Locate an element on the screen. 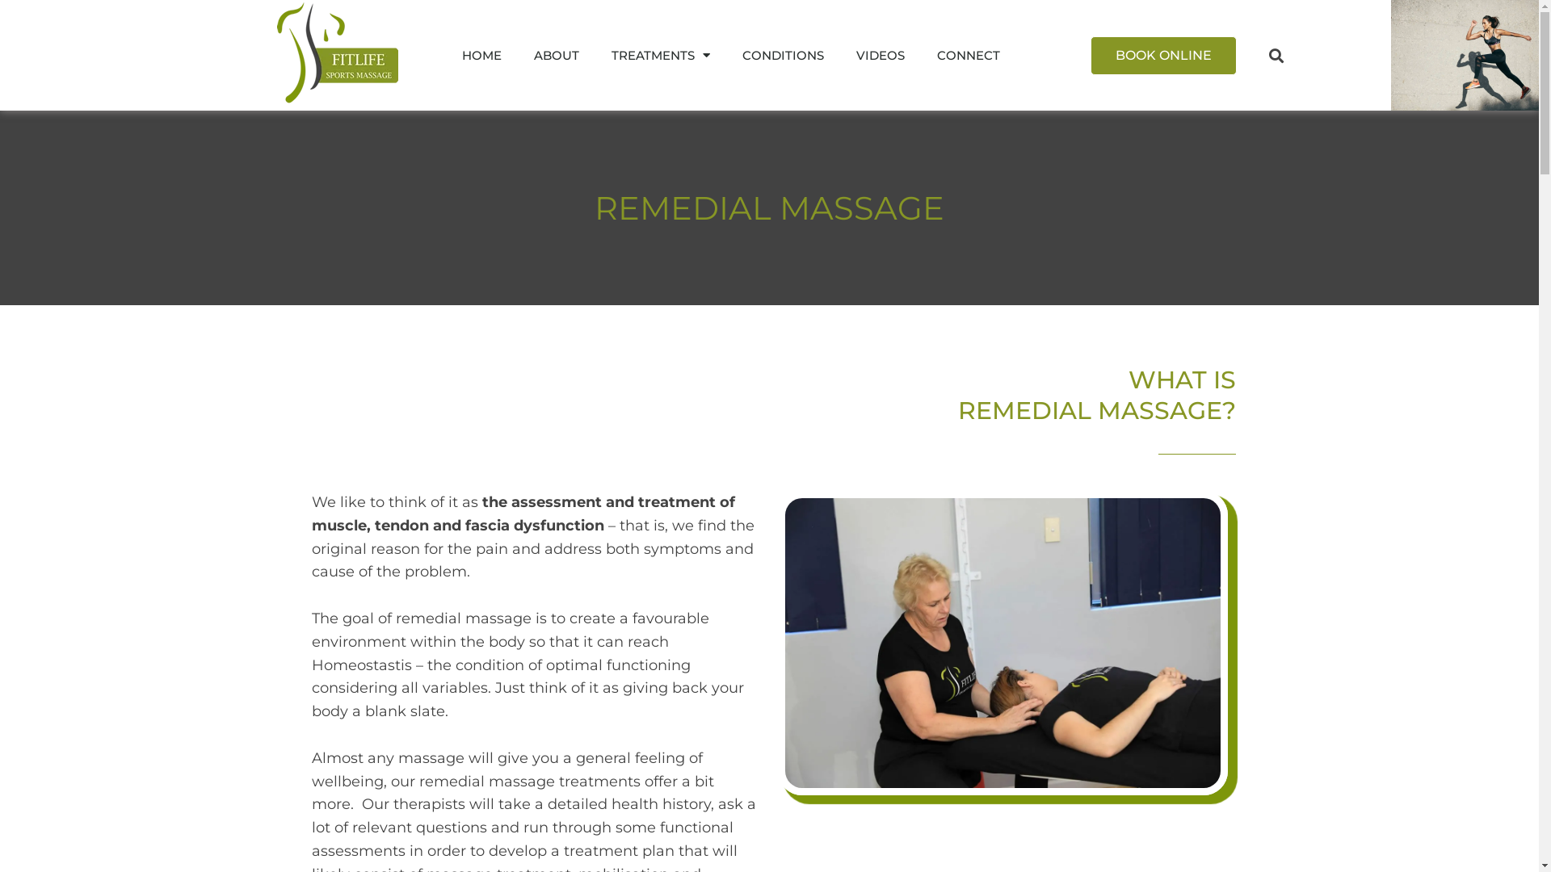  'VIDEOS' is located at coordinates (879, 54).